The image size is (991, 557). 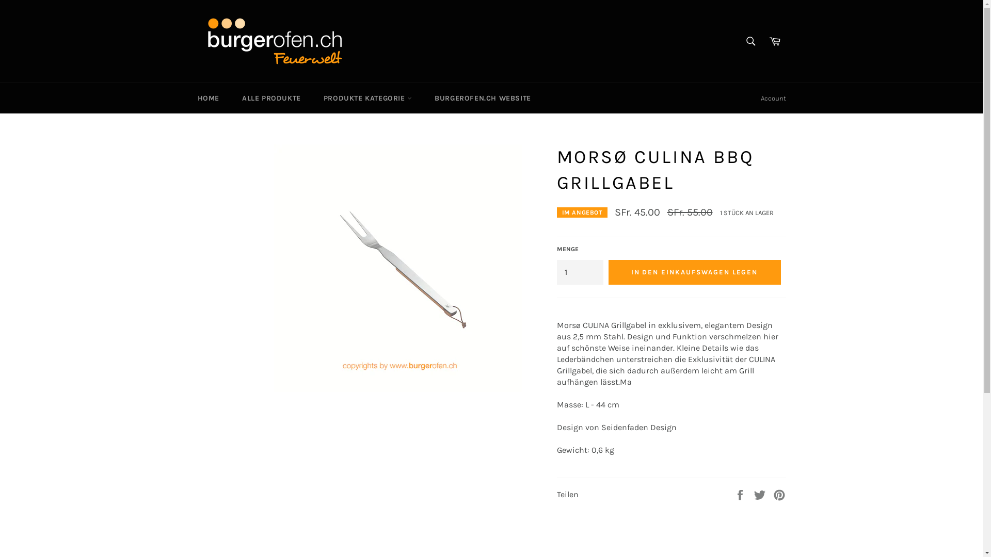 What do you see at coordinates (763, 41) in the screenshot?
I see `'Einkaufswagen'` at bounding box center [763, 41].